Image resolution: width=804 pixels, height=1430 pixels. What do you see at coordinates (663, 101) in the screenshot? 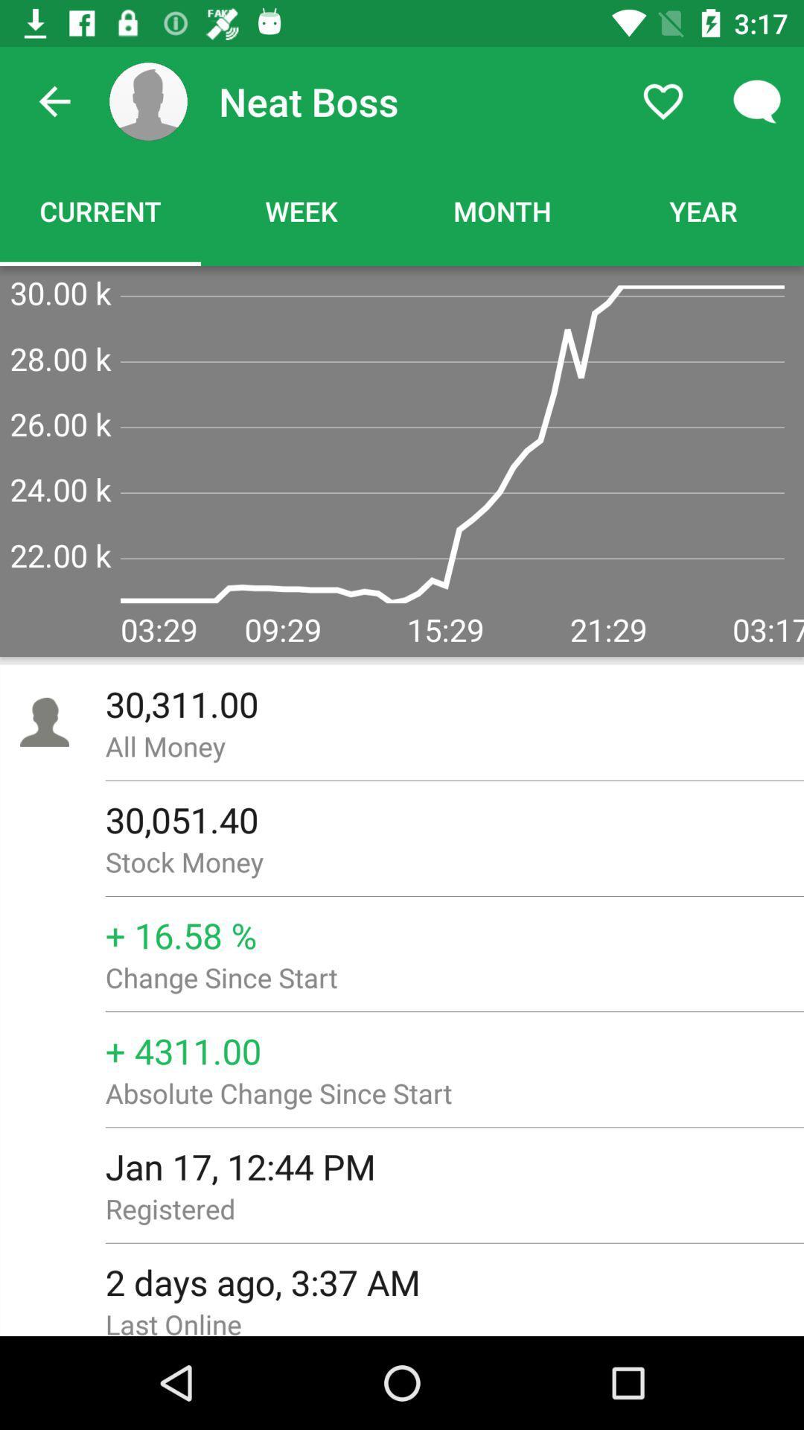
I see `the item to the right of neat boss icon` at bounding box center [663, 101].